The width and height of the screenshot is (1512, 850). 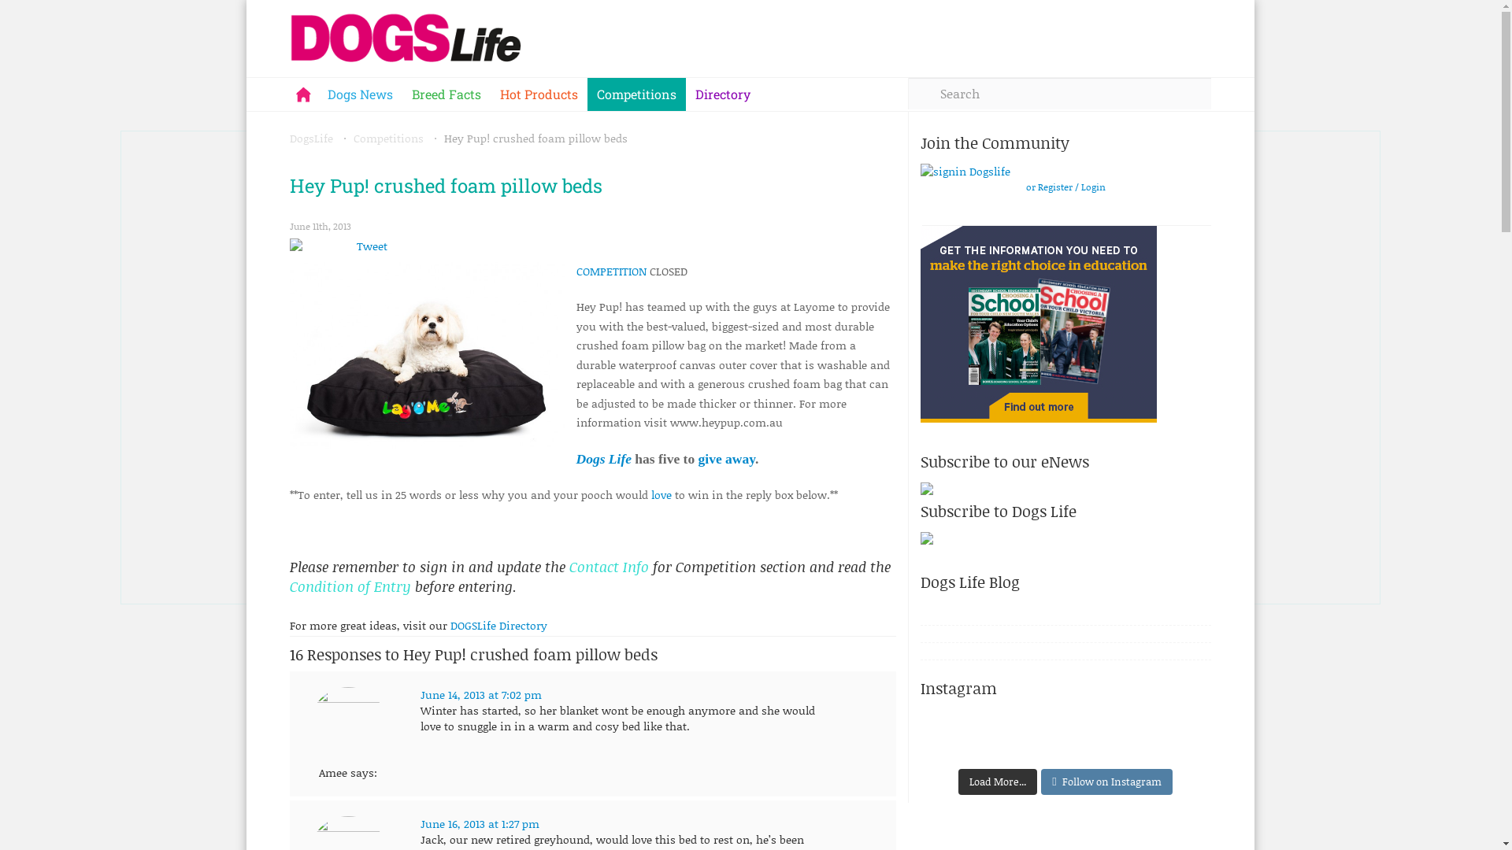 I want to click on 'DOGSLife Directory', so click(x=498, y=624).